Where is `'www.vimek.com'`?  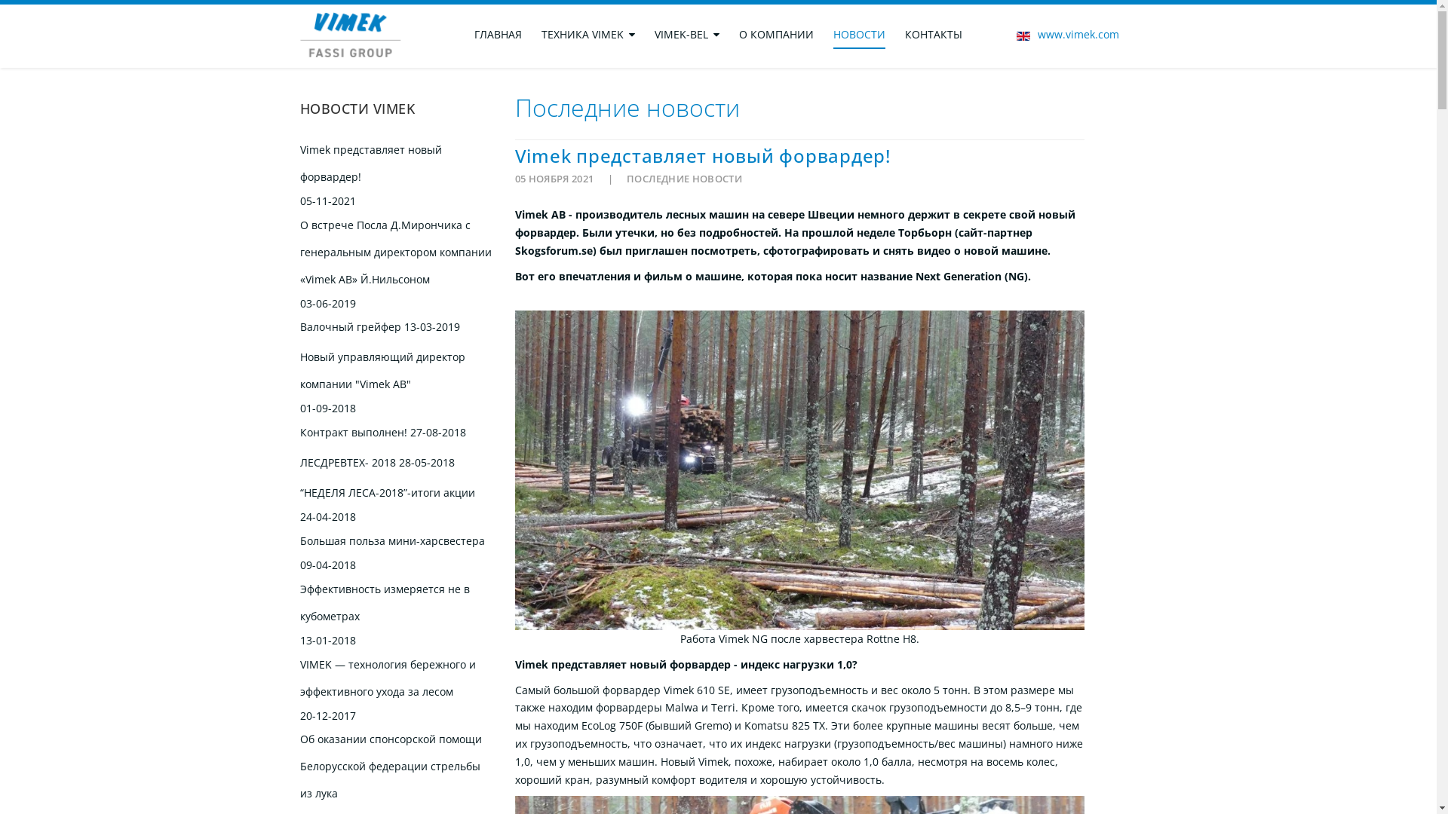
'www.vimek.com' is located at coordinates (1037, 34).